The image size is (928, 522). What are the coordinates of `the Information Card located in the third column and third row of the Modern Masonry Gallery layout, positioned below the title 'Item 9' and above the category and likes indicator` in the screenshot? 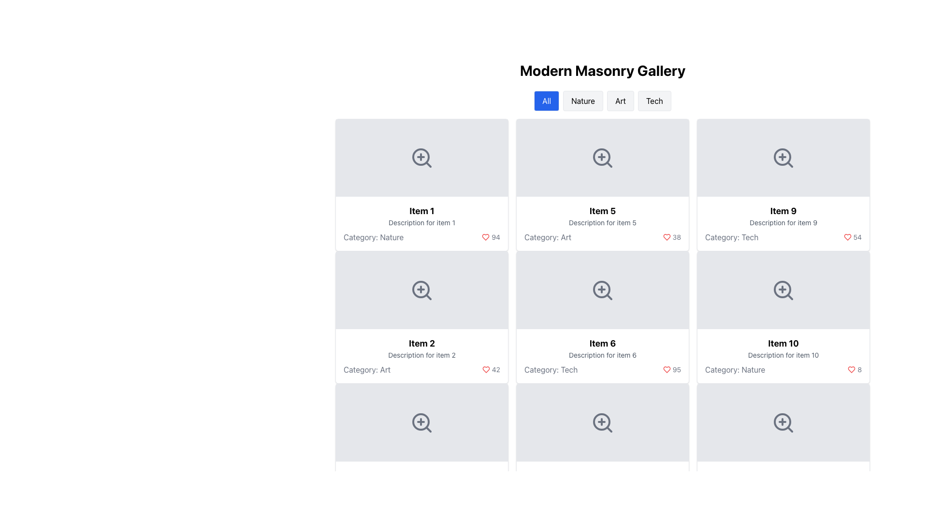 It's located at (783, 223).